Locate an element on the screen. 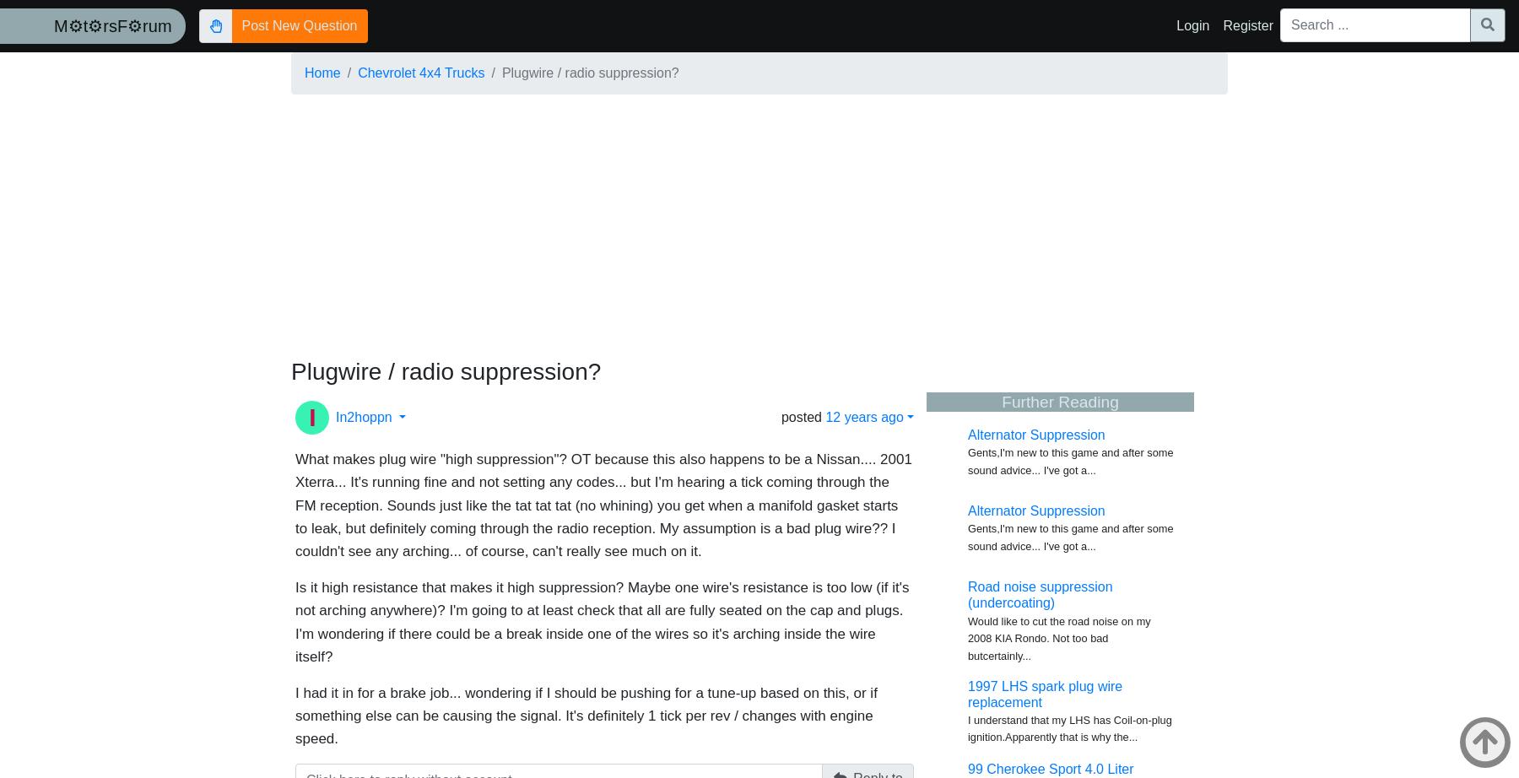  'posted' is located at coordinates (802, 417).